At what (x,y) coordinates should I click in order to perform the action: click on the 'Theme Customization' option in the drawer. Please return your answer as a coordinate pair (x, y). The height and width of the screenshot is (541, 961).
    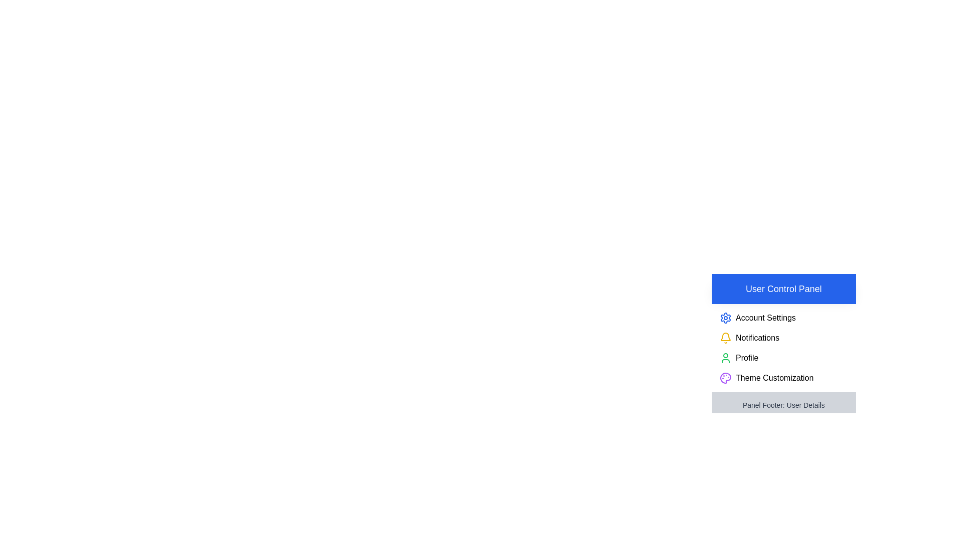
    Looking at the image, I should click on (783, 378).